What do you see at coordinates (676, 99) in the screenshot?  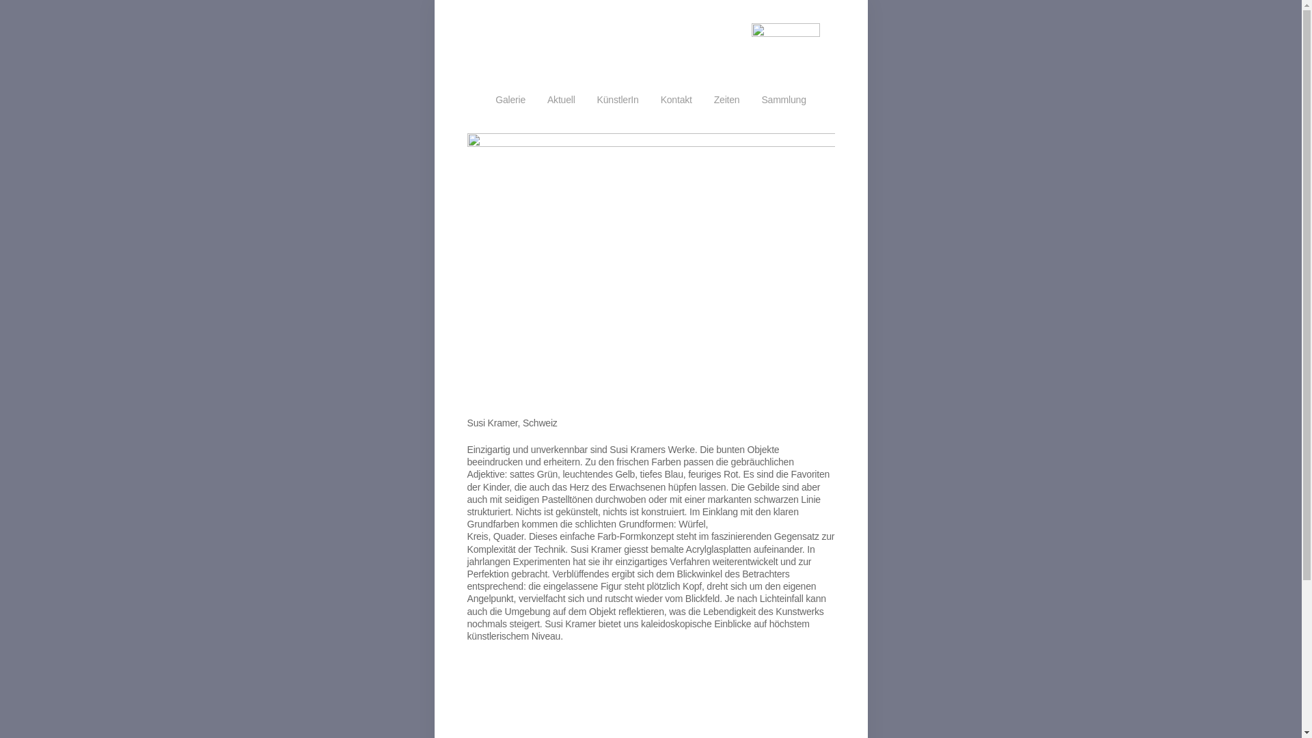 I see `'Kontakt'` at bounding box center [676, 99].